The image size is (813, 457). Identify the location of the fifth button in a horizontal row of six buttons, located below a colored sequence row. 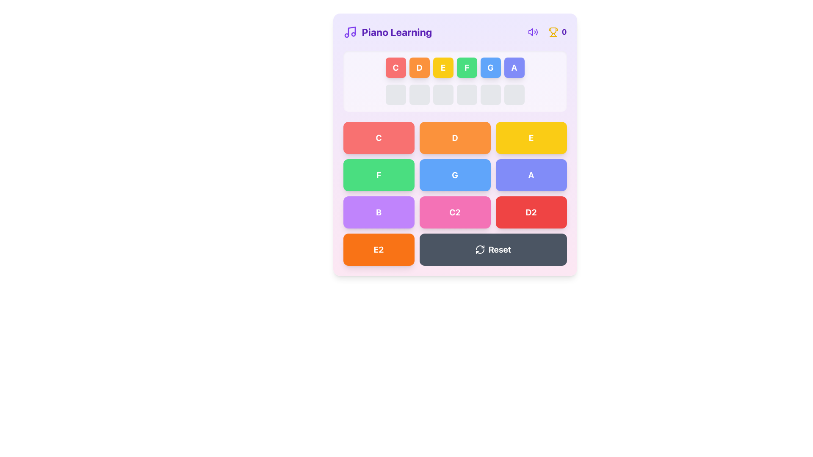
(490, 94).